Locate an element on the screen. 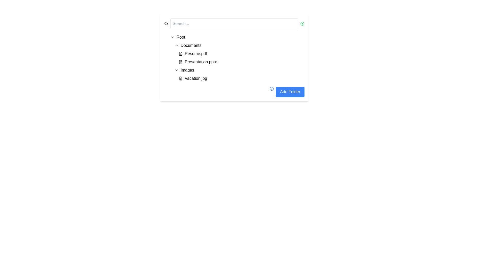 The image size is (495, 278). the list item labeled 'Vacation.jpg' is located at coordinates (238, 74).